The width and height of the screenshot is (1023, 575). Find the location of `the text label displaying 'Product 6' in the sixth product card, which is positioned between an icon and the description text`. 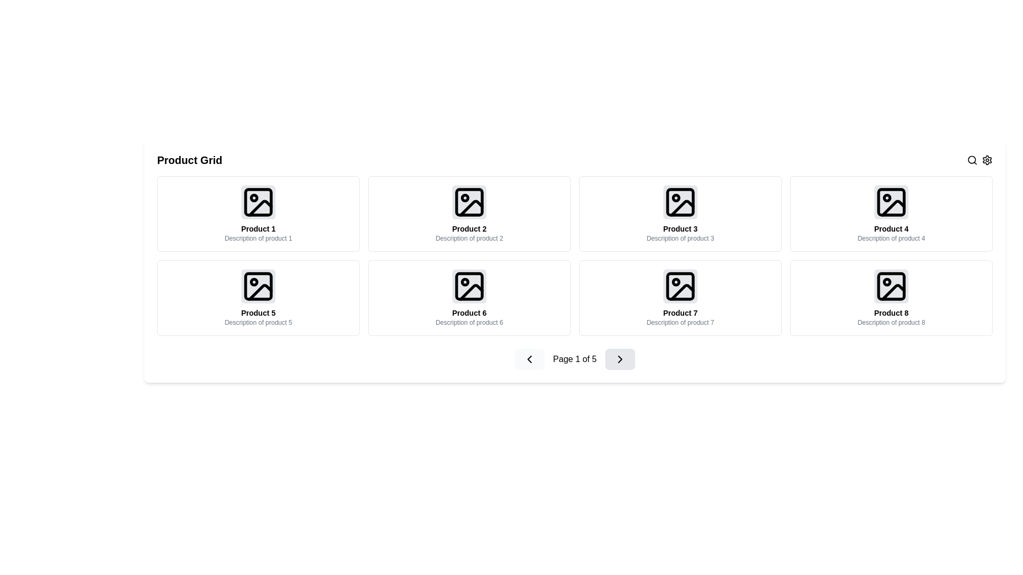

the text label displaying 'Product 6' in the sixth product card, which is positioned between an icon and the description text is located at coordinates (469, 312).